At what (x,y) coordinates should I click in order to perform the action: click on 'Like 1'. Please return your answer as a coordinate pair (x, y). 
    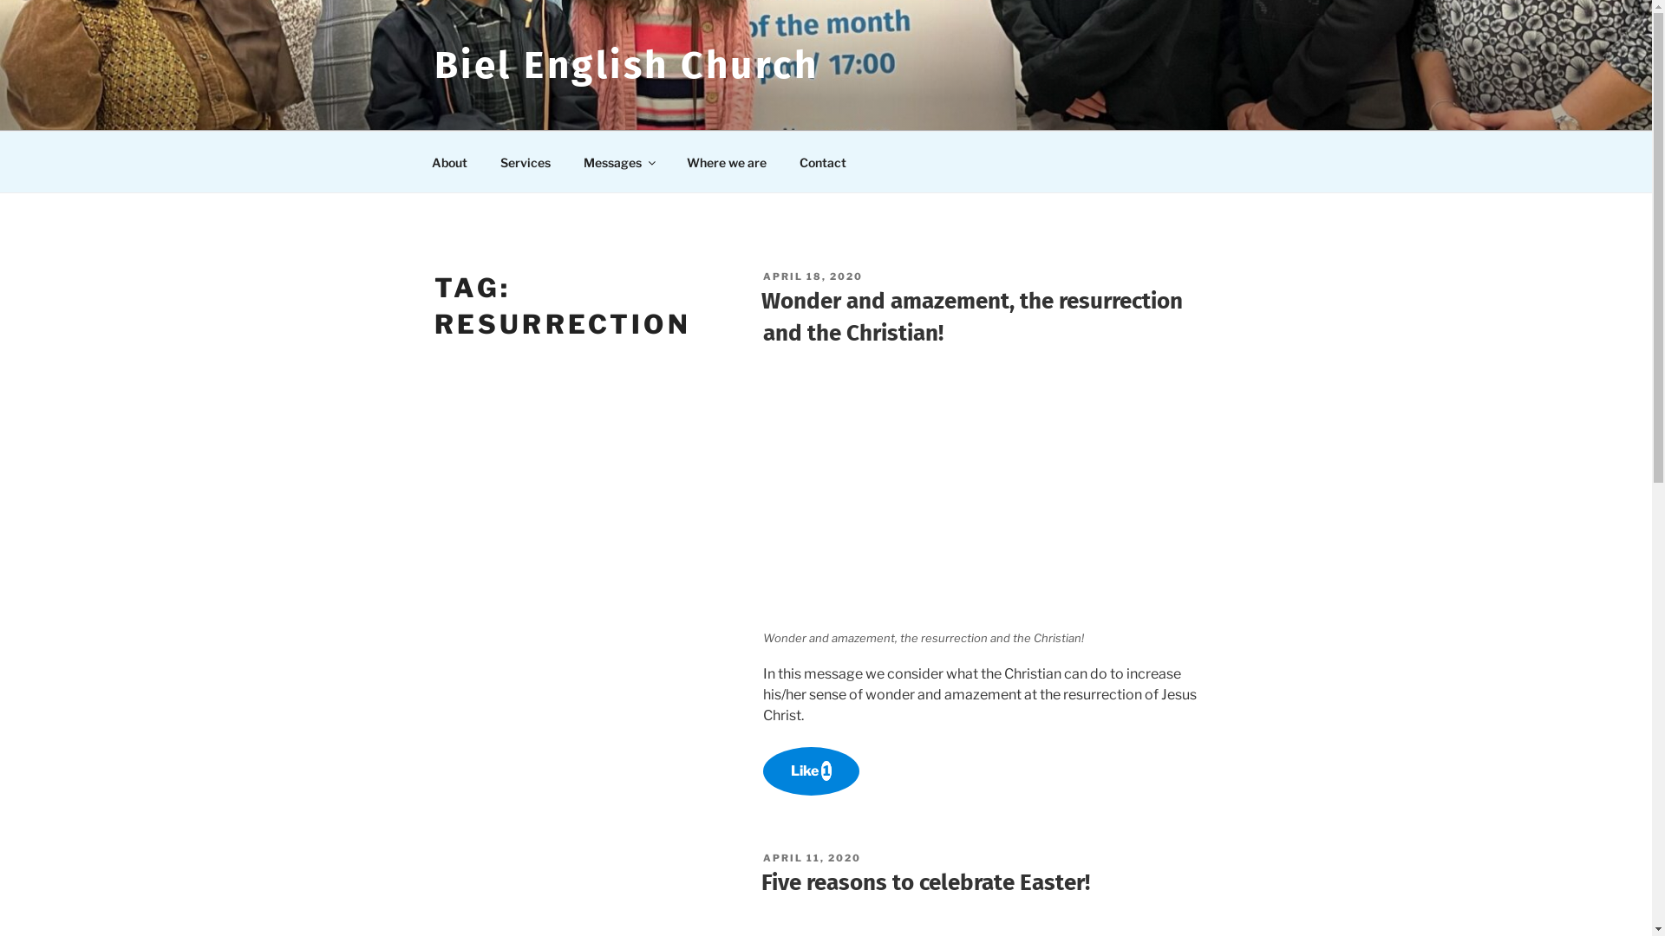
    Looking at the image, I should click on (810, 770).